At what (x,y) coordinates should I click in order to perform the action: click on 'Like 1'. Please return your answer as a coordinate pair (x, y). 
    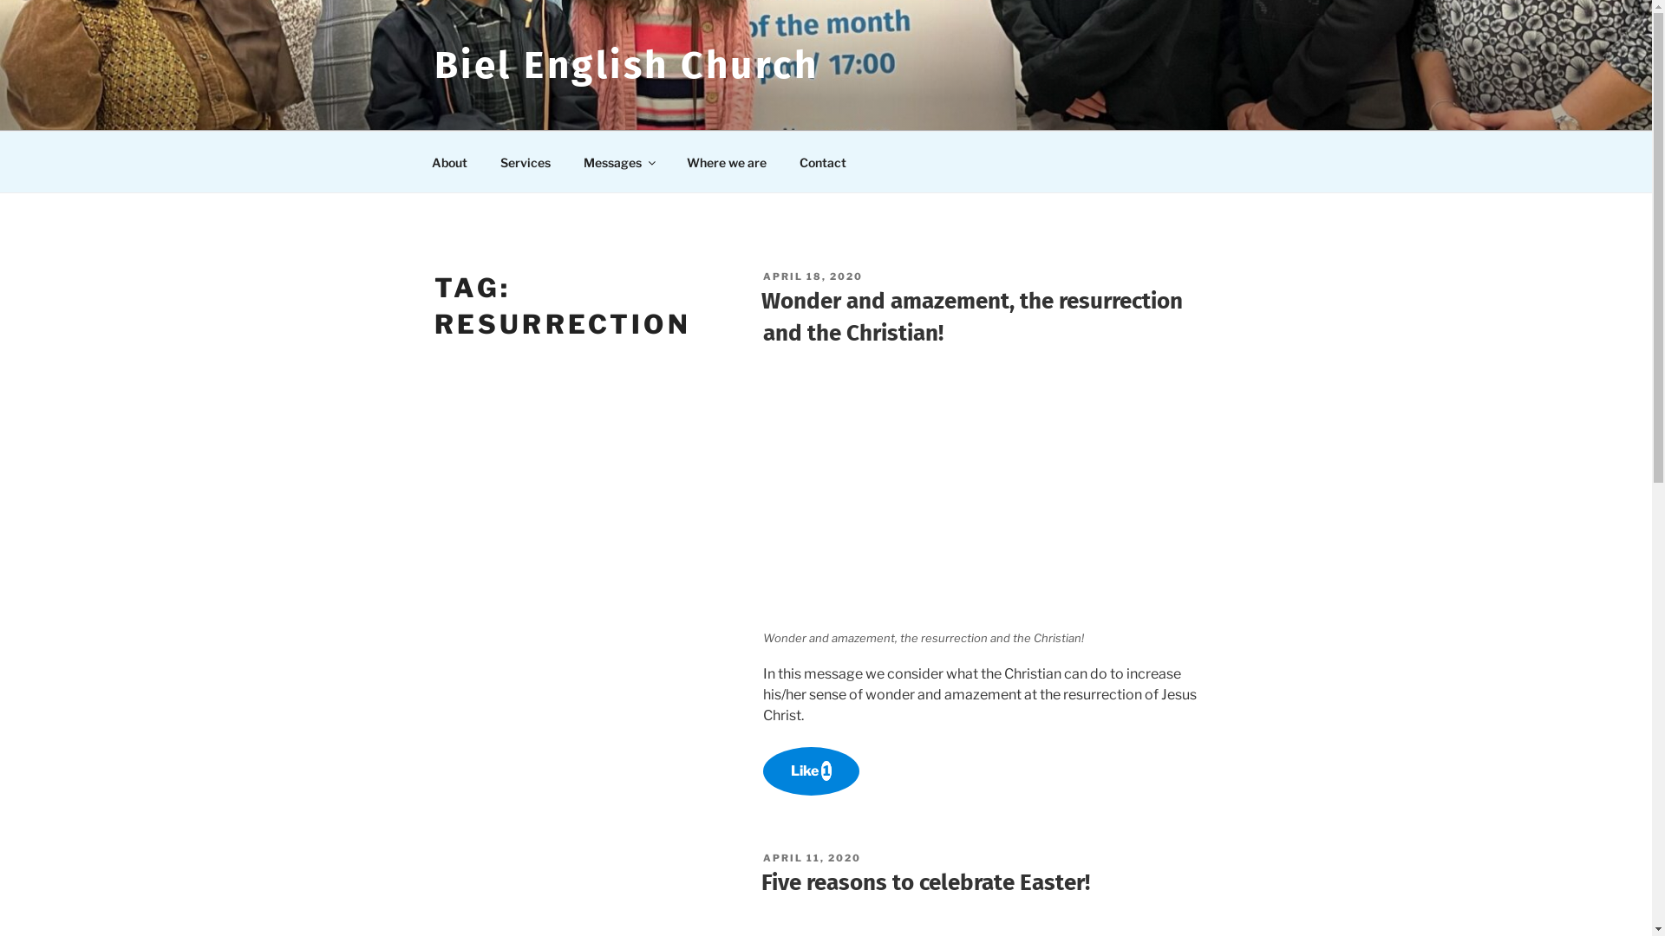
    Looking at the image, I should click on (810, 770).